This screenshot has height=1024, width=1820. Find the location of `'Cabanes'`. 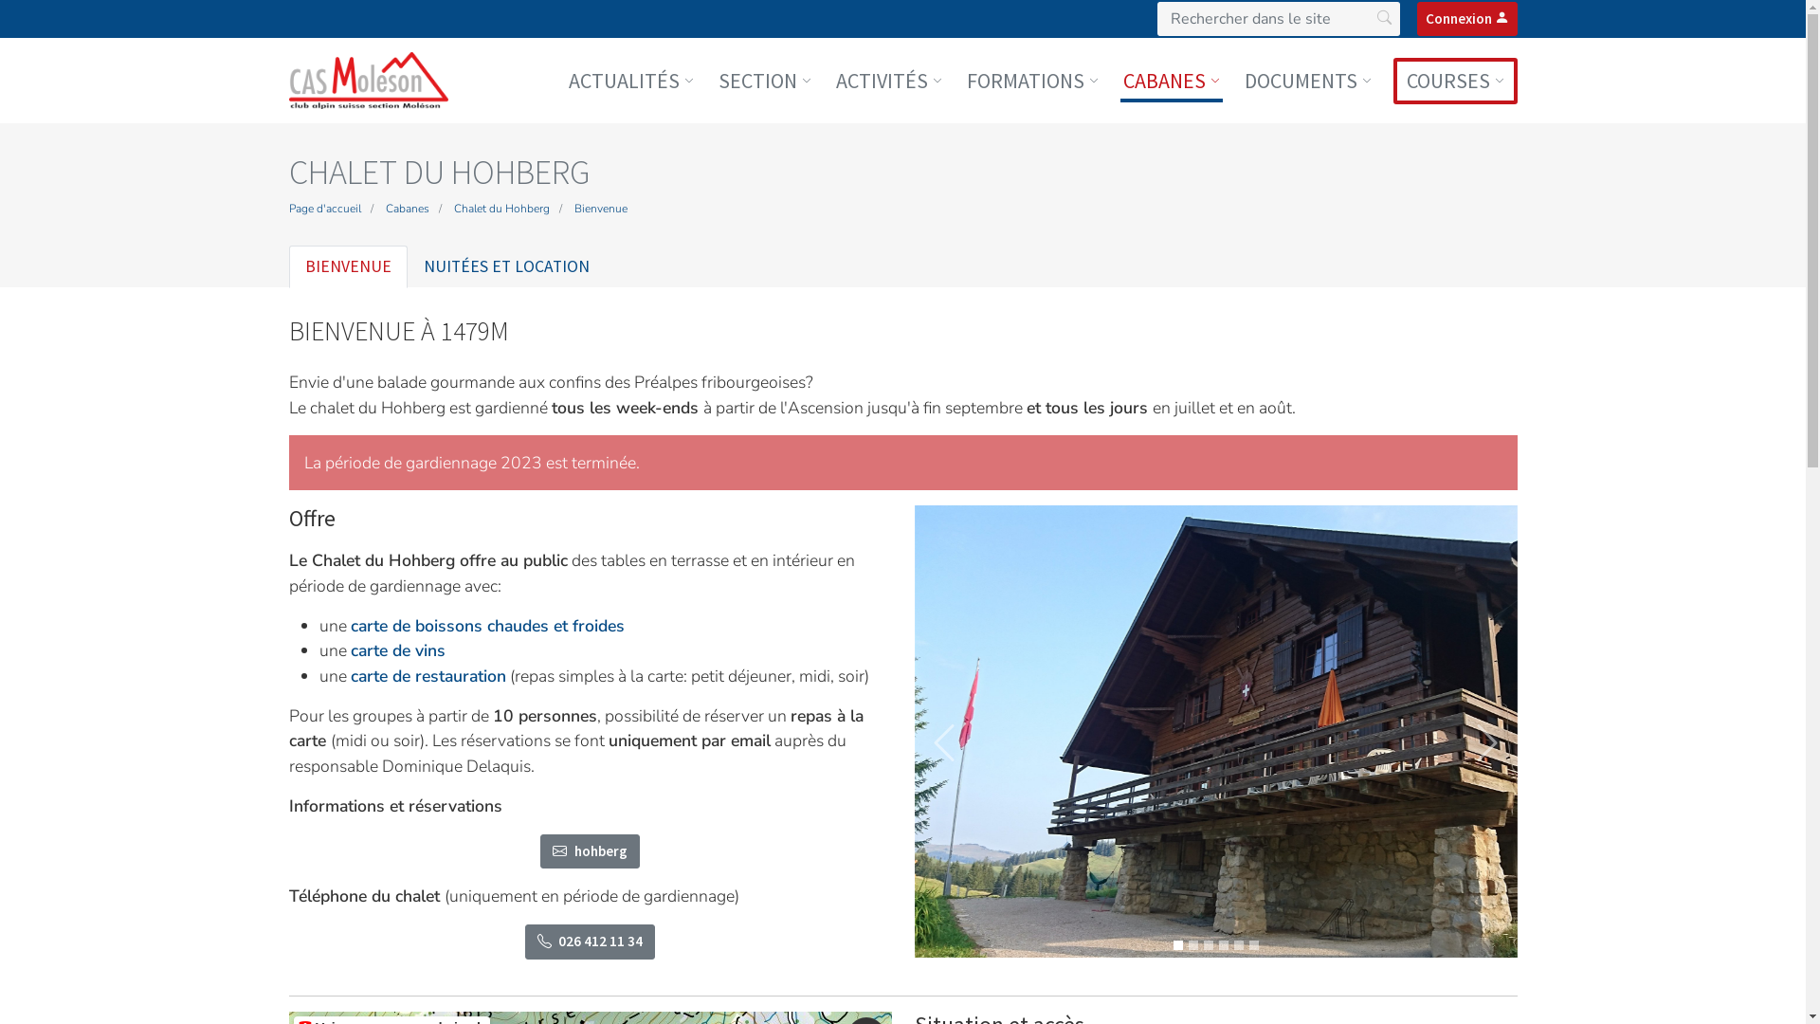

'Cabanes' is located at coordinates (405, 208).